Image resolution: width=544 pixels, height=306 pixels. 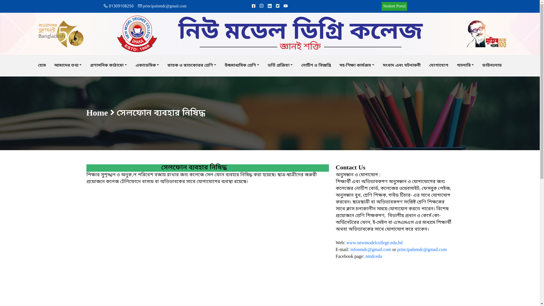 I want to click on 'www.newmodelcollege.edu.bd', so click(x=346, y=243).